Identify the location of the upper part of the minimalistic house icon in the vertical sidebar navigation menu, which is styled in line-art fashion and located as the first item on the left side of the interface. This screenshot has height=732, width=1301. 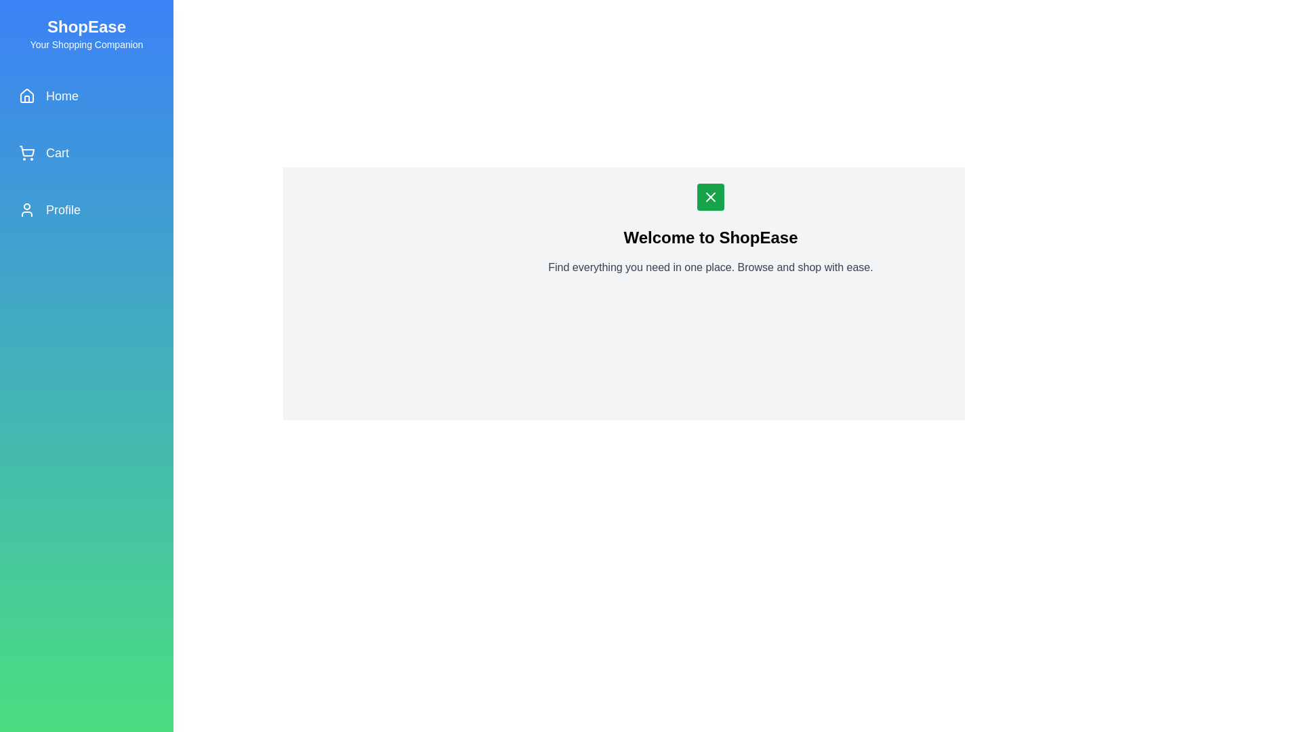
(26, 95).